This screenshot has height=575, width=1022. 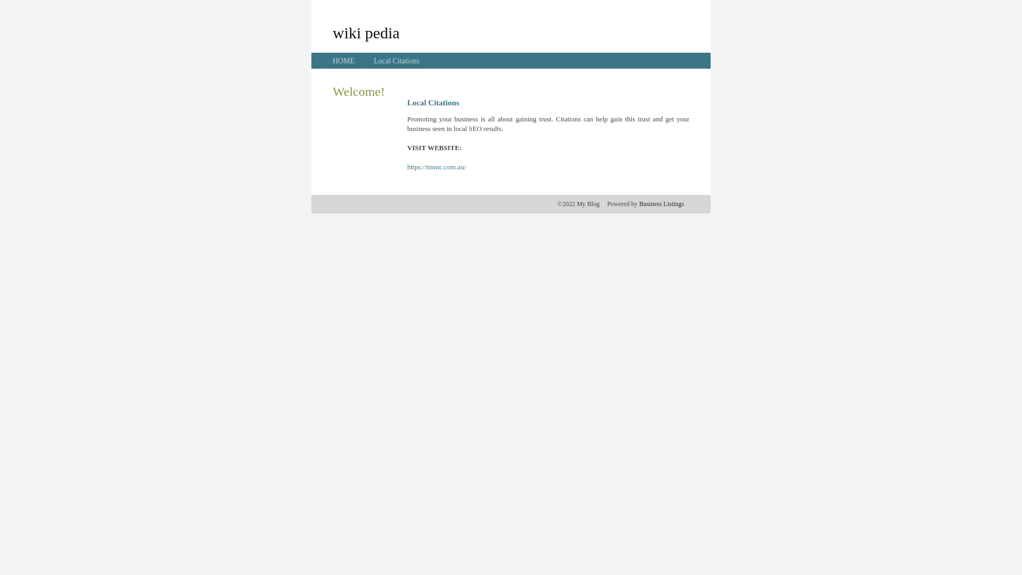 I want to click on 'wiki pedia', so click(x=366, y=32).